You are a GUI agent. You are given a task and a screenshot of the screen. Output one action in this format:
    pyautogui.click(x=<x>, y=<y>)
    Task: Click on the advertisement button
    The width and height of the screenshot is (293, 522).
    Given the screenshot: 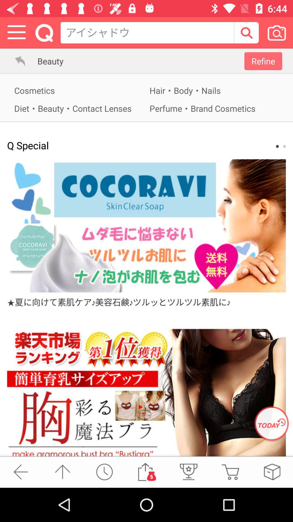 What is the action you would take?
    pyautogui.click(x=146, y=393)
    